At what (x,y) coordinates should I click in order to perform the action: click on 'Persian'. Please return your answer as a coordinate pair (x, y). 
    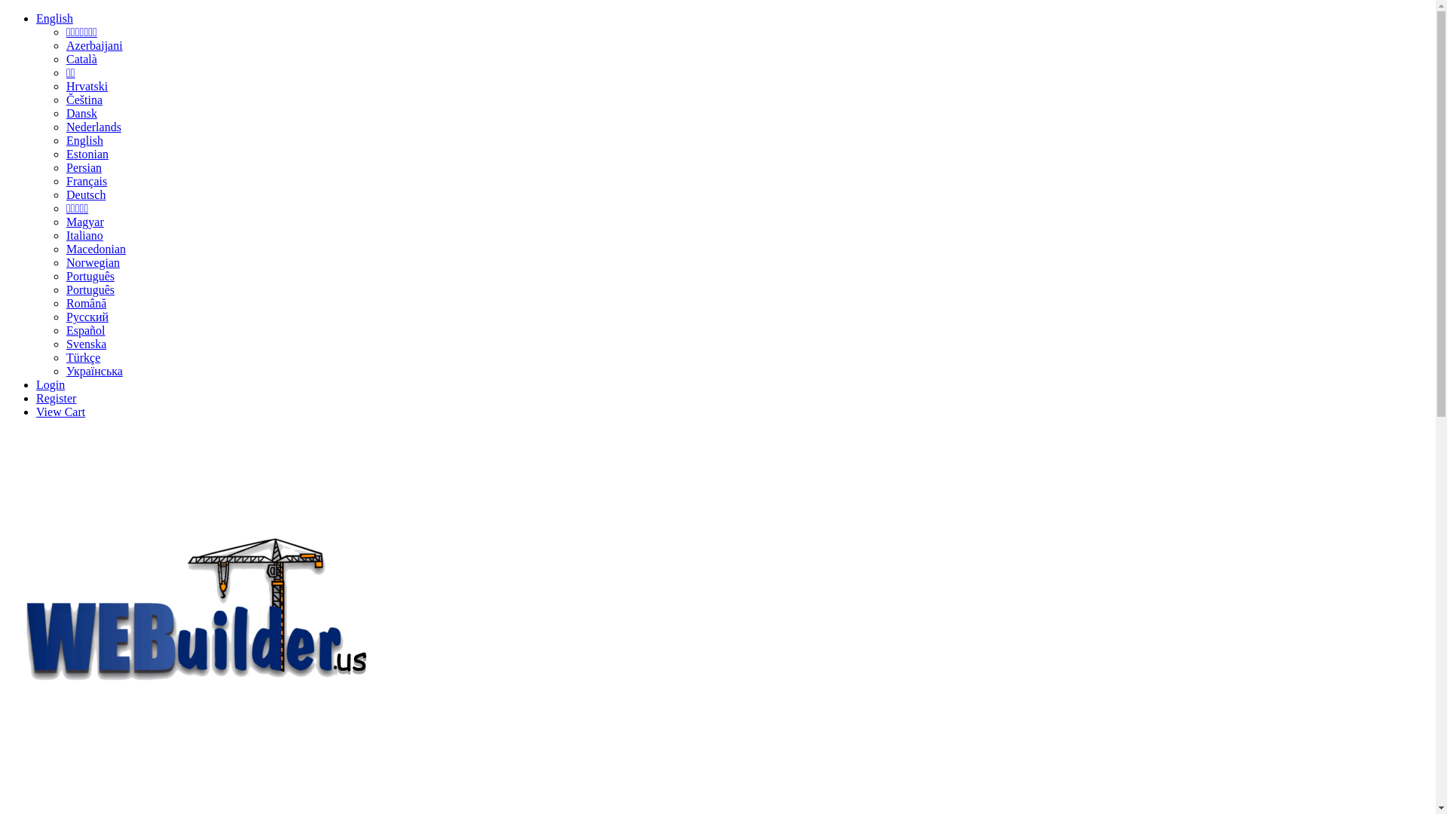
    Looking at the image, I should click on (83, 167).